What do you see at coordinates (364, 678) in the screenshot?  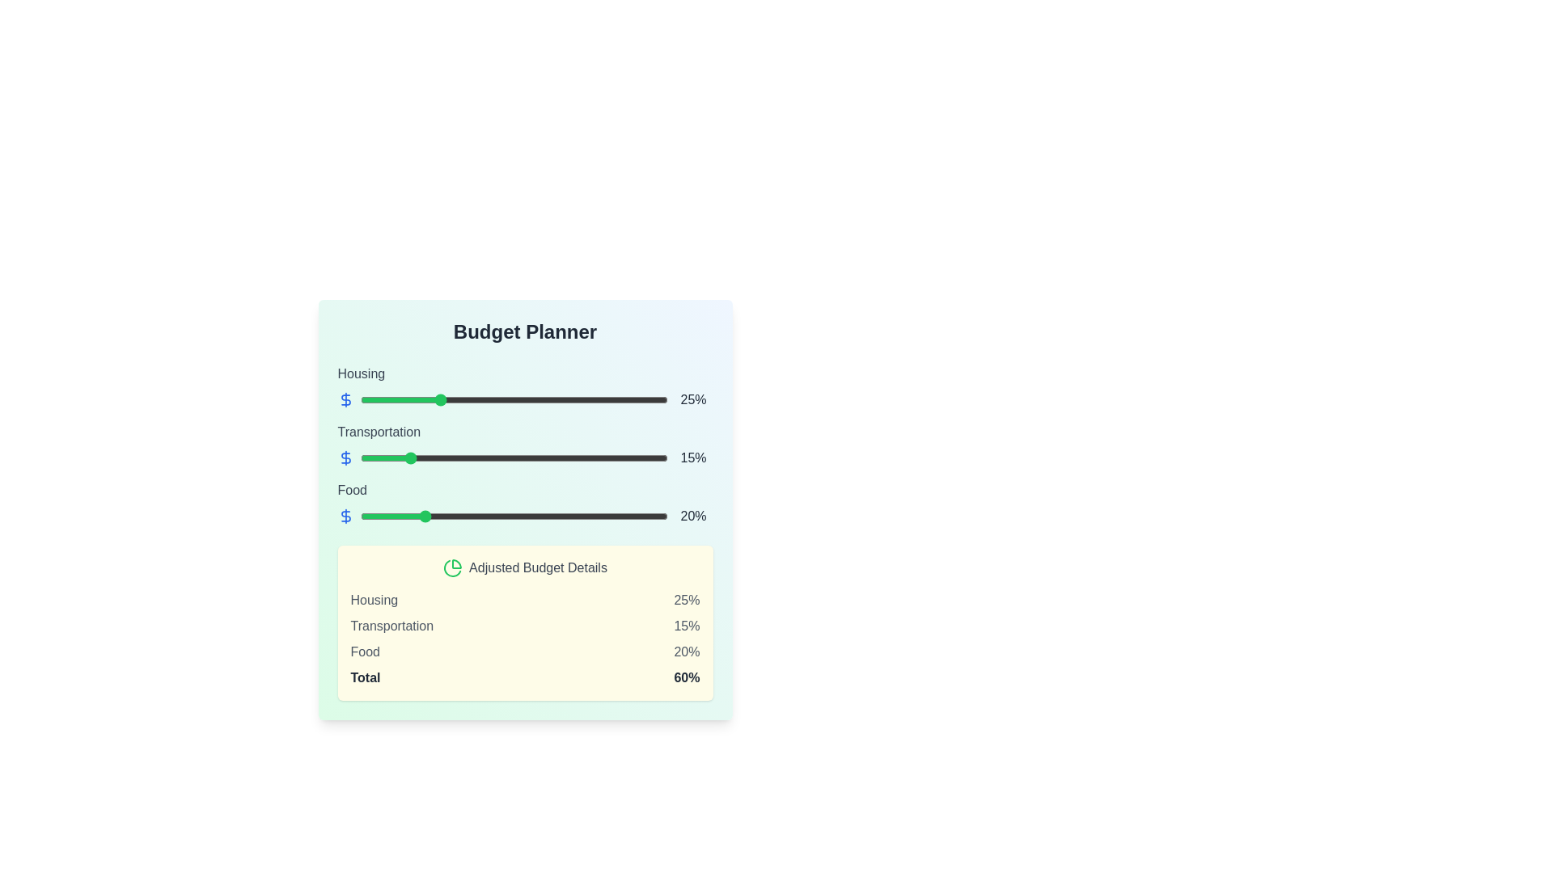 I see `the label text indicating the total value, which is positioned at the bottom-left corner of the summary section, aligned to the left of the '60%' text` at bounding box center [364, 678].